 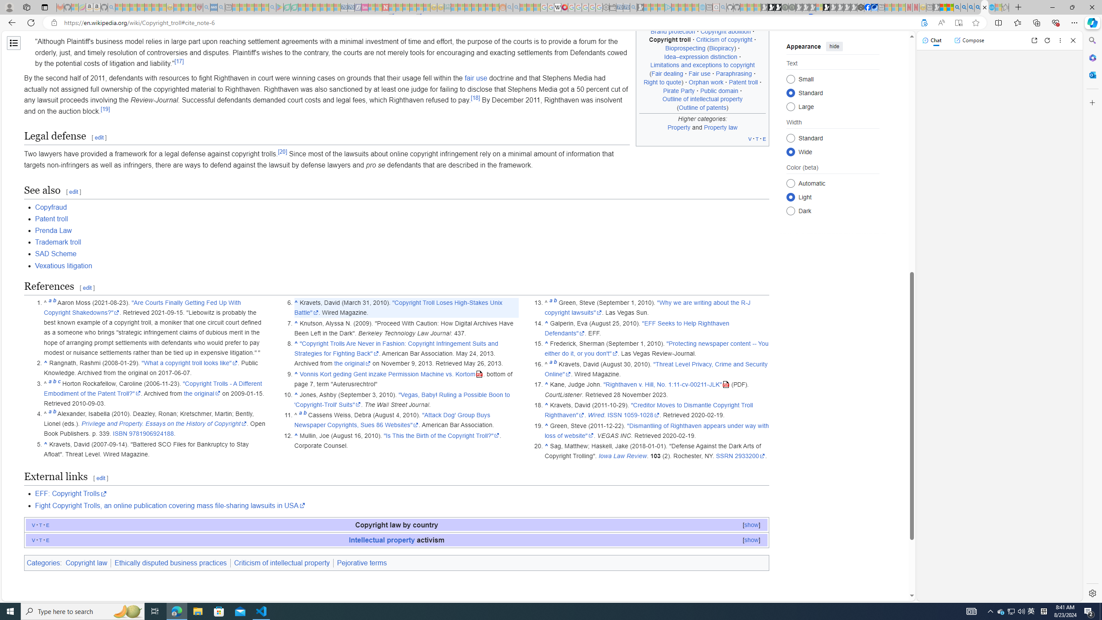 What do you see at coordinates (835, 46) in the screenshot?
I see `'hide'` at bounding box center [835, 46].